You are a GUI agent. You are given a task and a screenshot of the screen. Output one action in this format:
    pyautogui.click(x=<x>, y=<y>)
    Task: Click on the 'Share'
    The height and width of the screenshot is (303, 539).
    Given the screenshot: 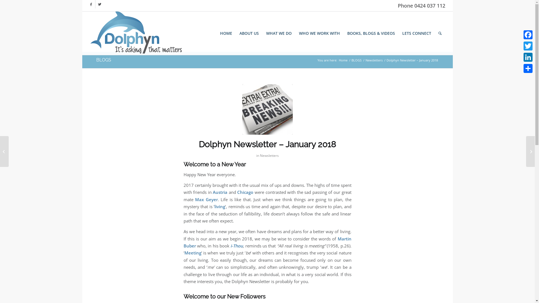 What is the action you would take?
    pyautogui.click(x=528, y=68)
    